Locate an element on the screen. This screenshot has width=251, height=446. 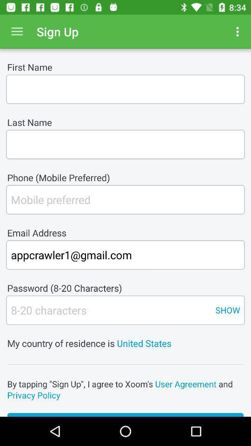
the fifth checkbox is located at coordinates (108, 310).